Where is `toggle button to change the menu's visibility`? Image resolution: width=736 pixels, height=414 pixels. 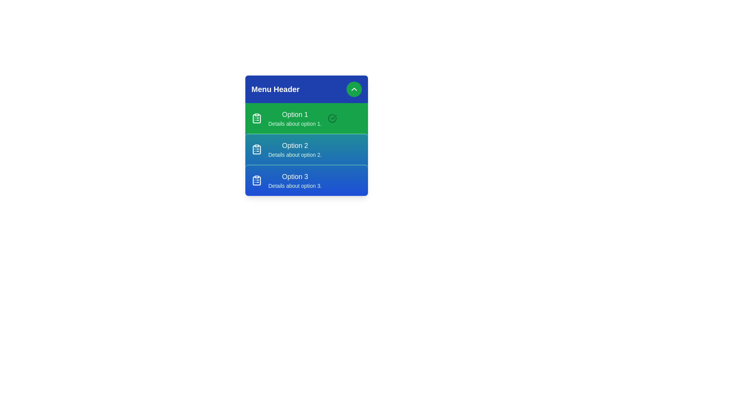
toggle button to change the menu's visibility is located at coordinates (354, 89).